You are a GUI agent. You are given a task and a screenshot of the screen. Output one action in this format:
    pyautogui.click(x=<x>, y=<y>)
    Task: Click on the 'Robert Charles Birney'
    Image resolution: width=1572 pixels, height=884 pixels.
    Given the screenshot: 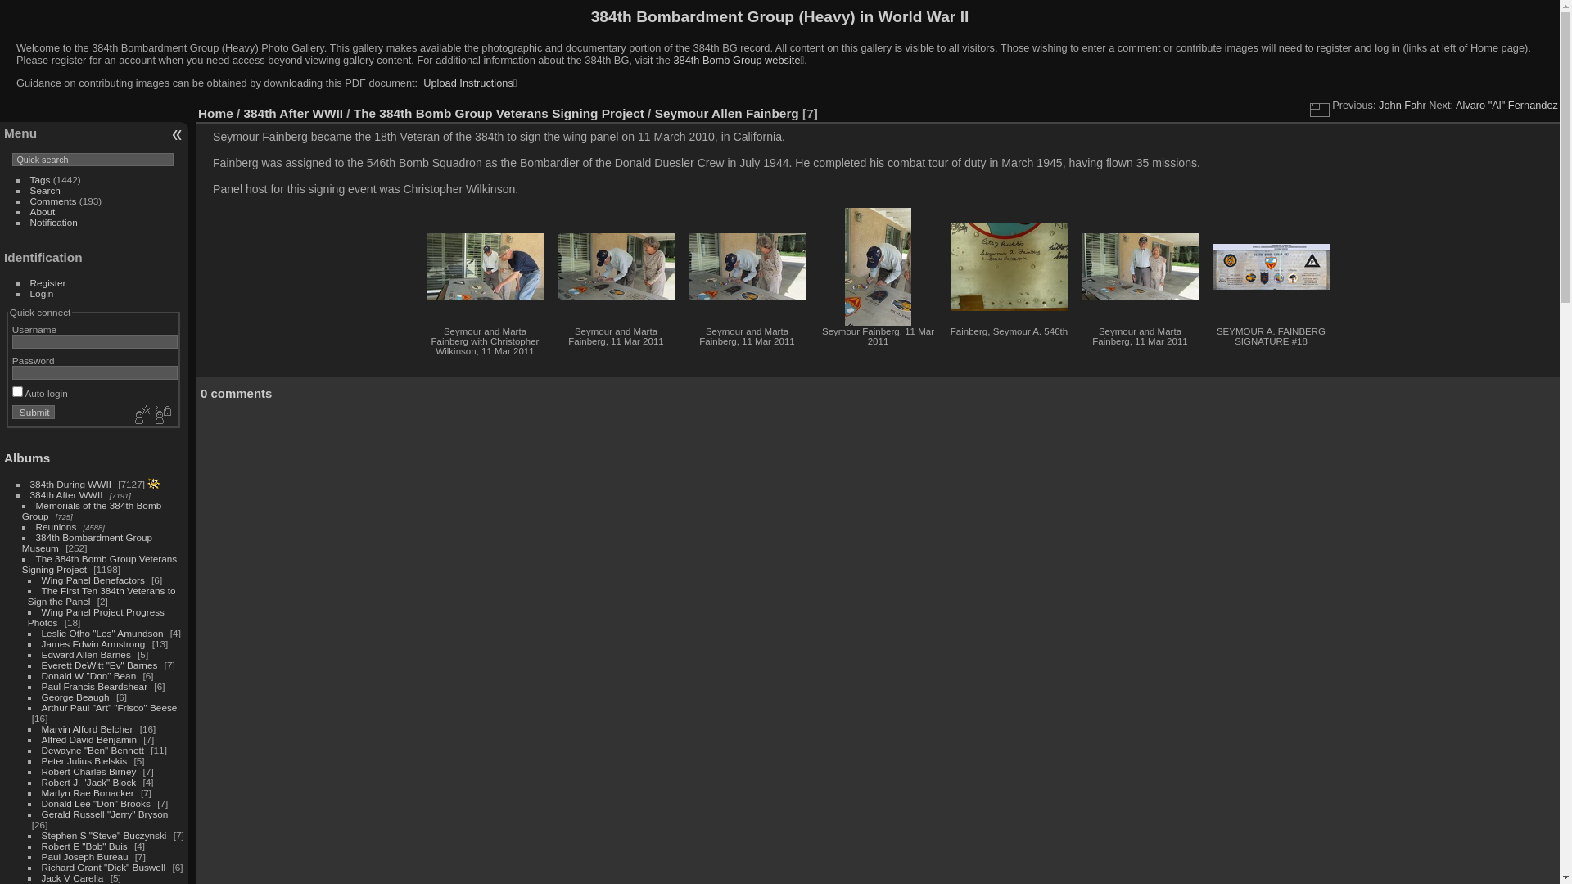 What is the action you would take?
    pyautogui.click(x=88, y=771)
    